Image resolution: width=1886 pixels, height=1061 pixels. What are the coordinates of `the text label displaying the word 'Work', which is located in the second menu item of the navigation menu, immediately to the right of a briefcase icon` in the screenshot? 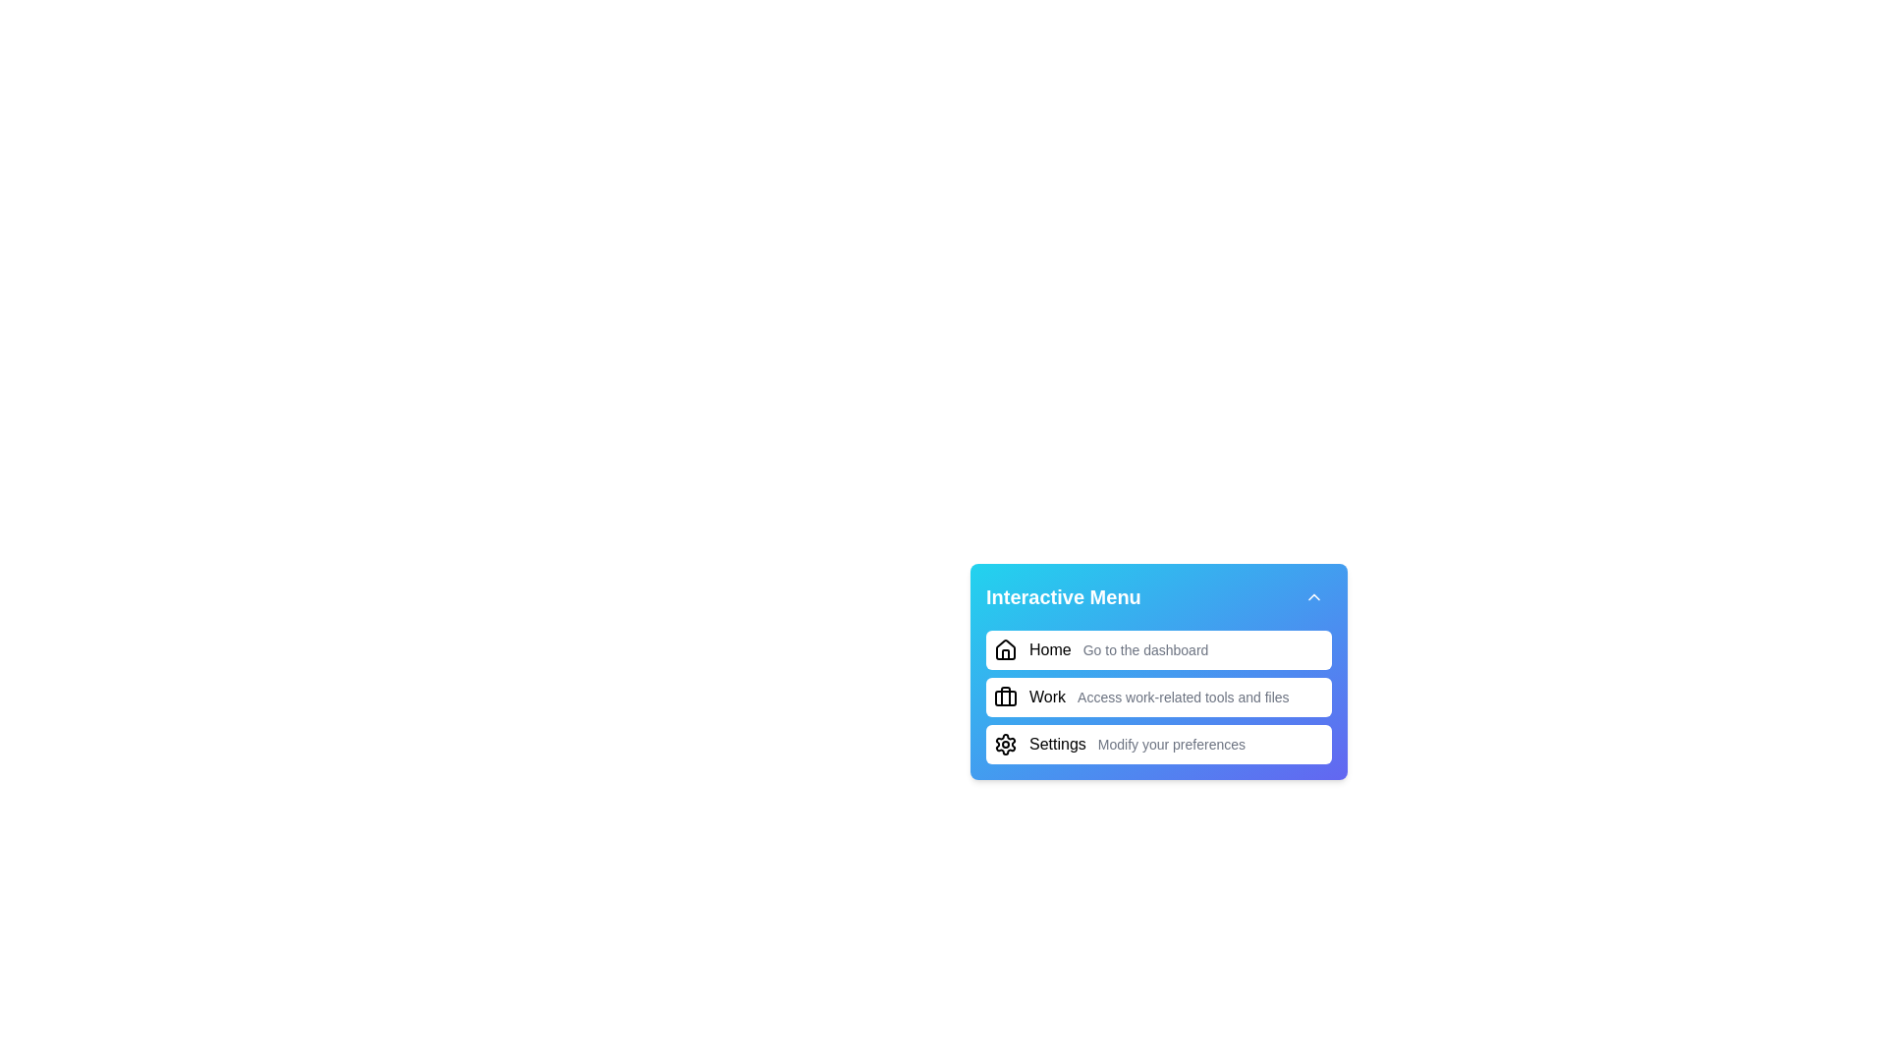 It's located at (1046, 696).